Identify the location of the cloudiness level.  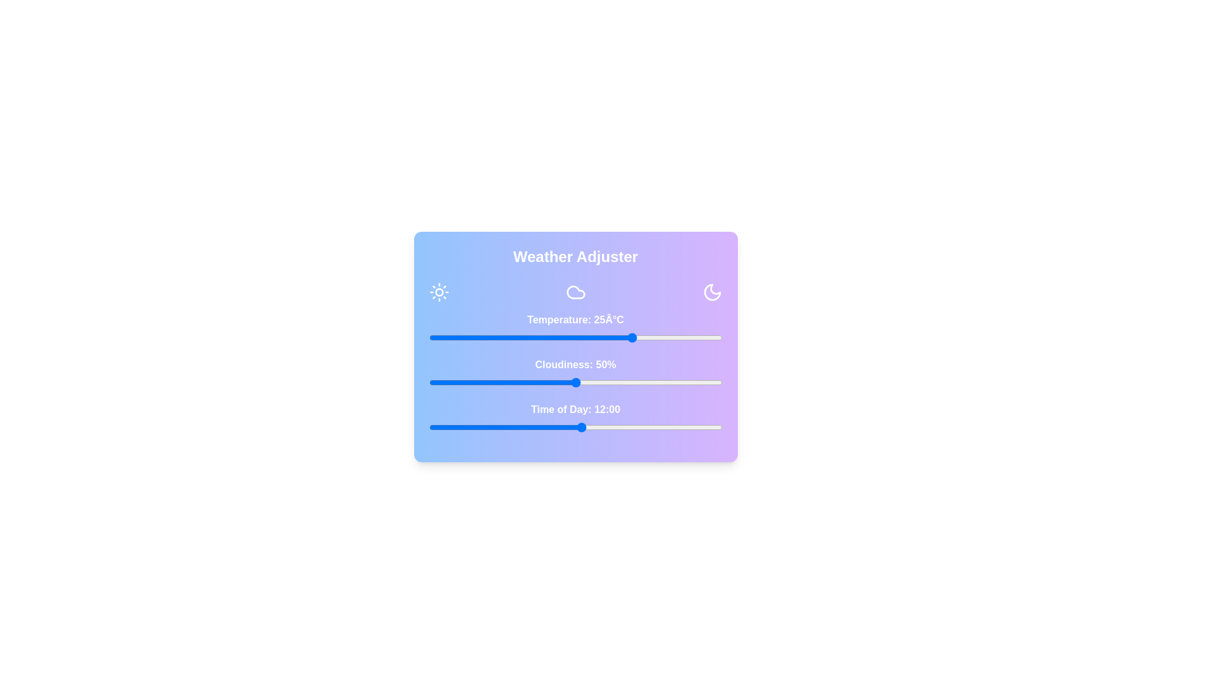
(540, 381).